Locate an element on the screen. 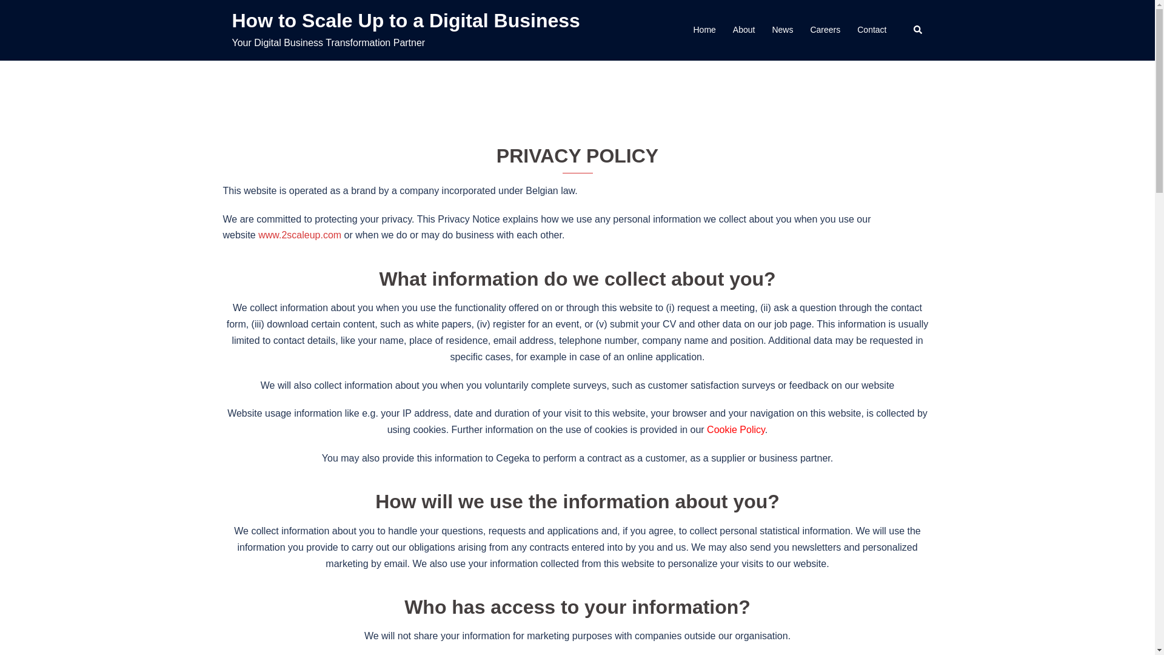 This screenshot has height=655, width=1164. 'Search' is located at coordinates (917, 30).